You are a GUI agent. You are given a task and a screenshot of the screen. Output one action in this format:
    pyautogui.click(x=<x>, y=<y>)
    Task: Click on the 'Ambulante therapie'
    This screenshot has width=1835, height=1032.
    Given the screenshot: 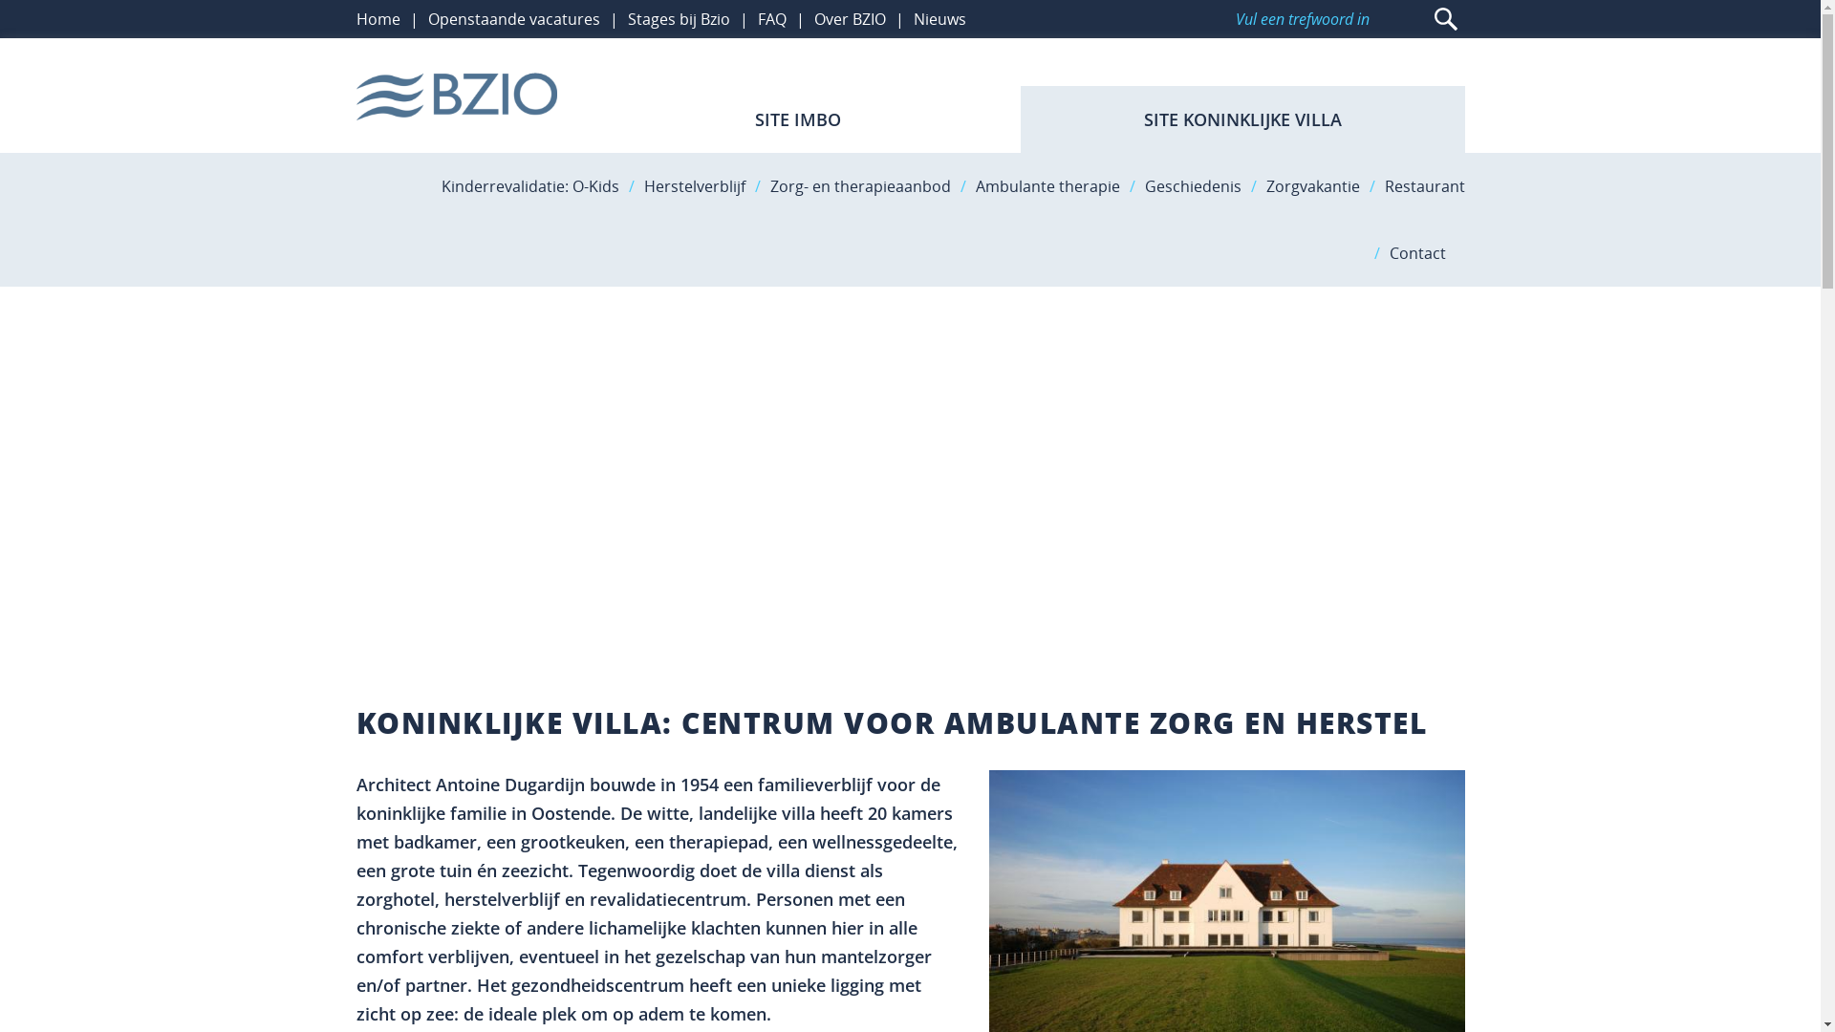 What is the action you would take?
    pyautogui.click(x=1046, y=186)
    